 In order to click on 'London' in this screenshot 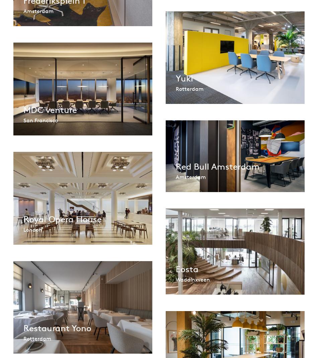, I will do `click(33, 229)`.